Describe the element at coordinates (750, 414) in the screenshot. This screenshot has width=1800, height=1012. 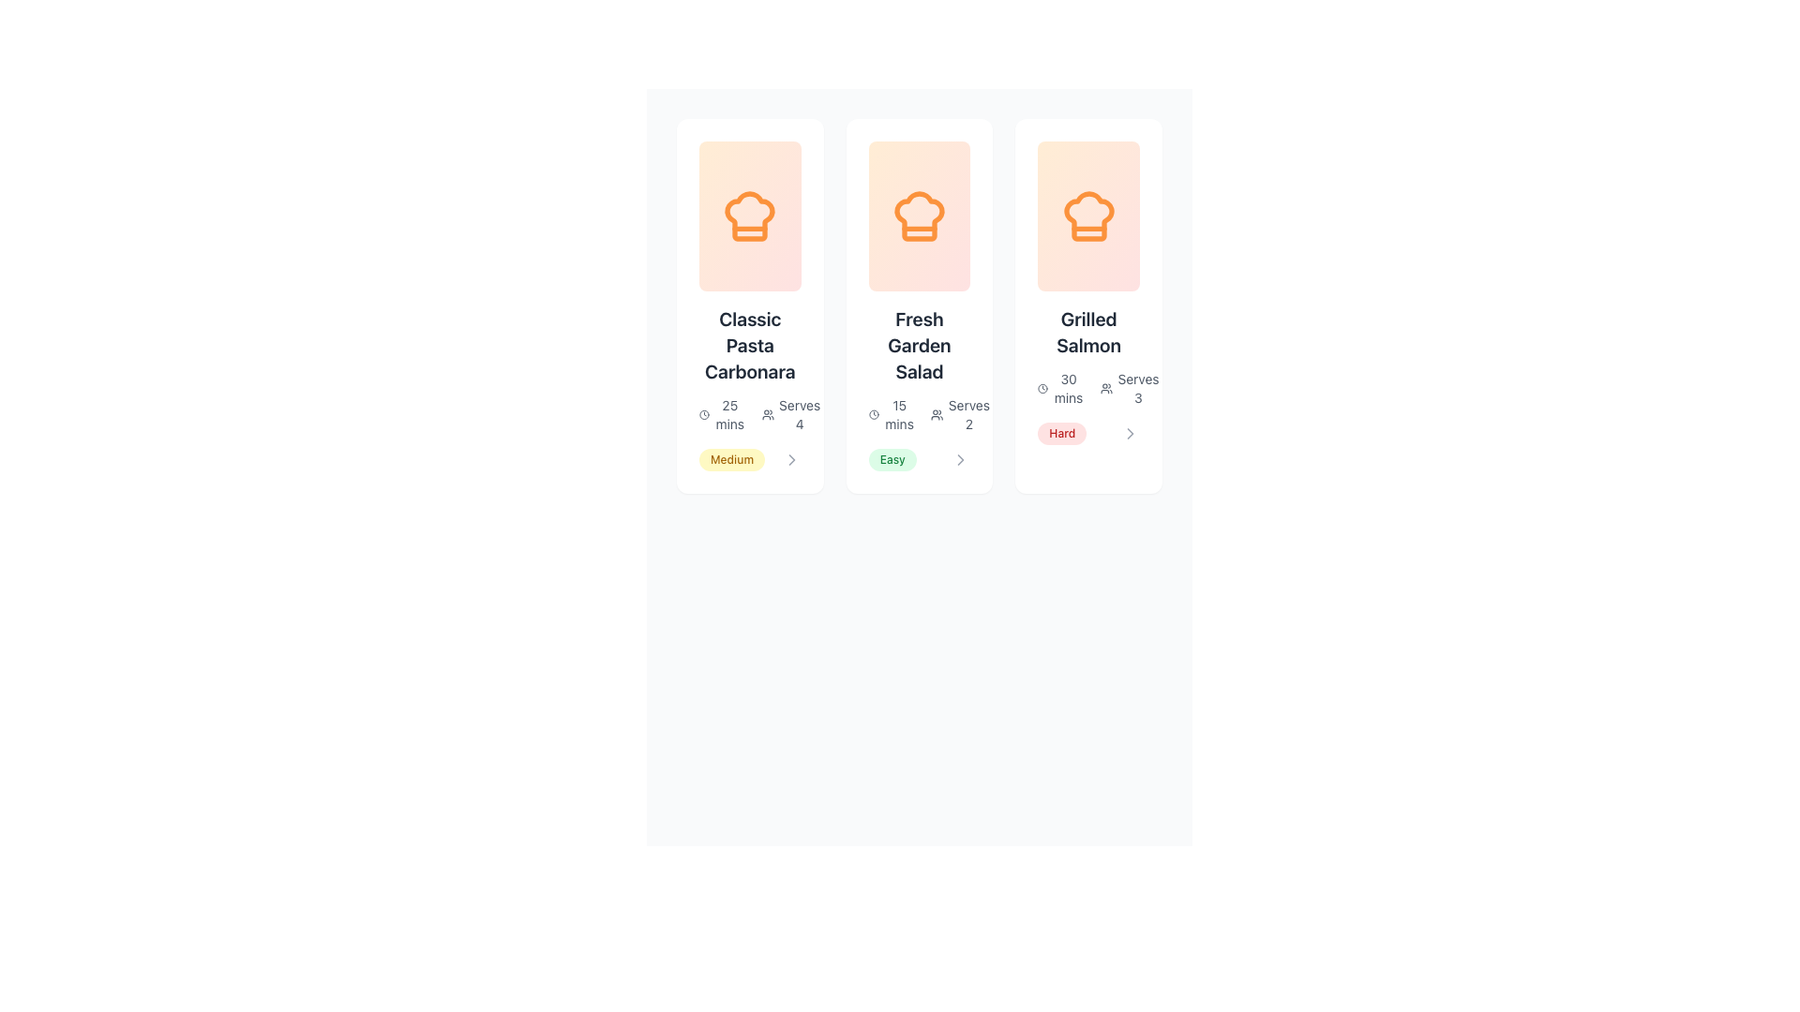
I see `supplemental information block about the recipe titled 'Classic Pasta Carbonara', which includes the preparation time of '25 mins' and the number of servings 'Serves 4'` at that location.